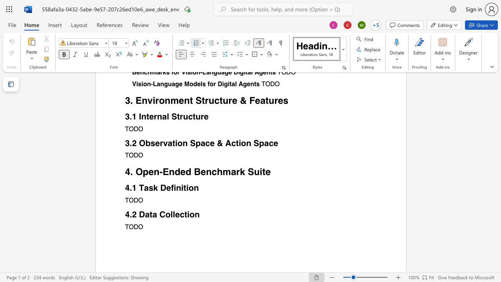 The height and width of the screenshot is (282, 501). What do you see at coordinates (168, 188) in the screenshot?
I see `the 1th character "e" in the text` at bounding box center [168, 188].